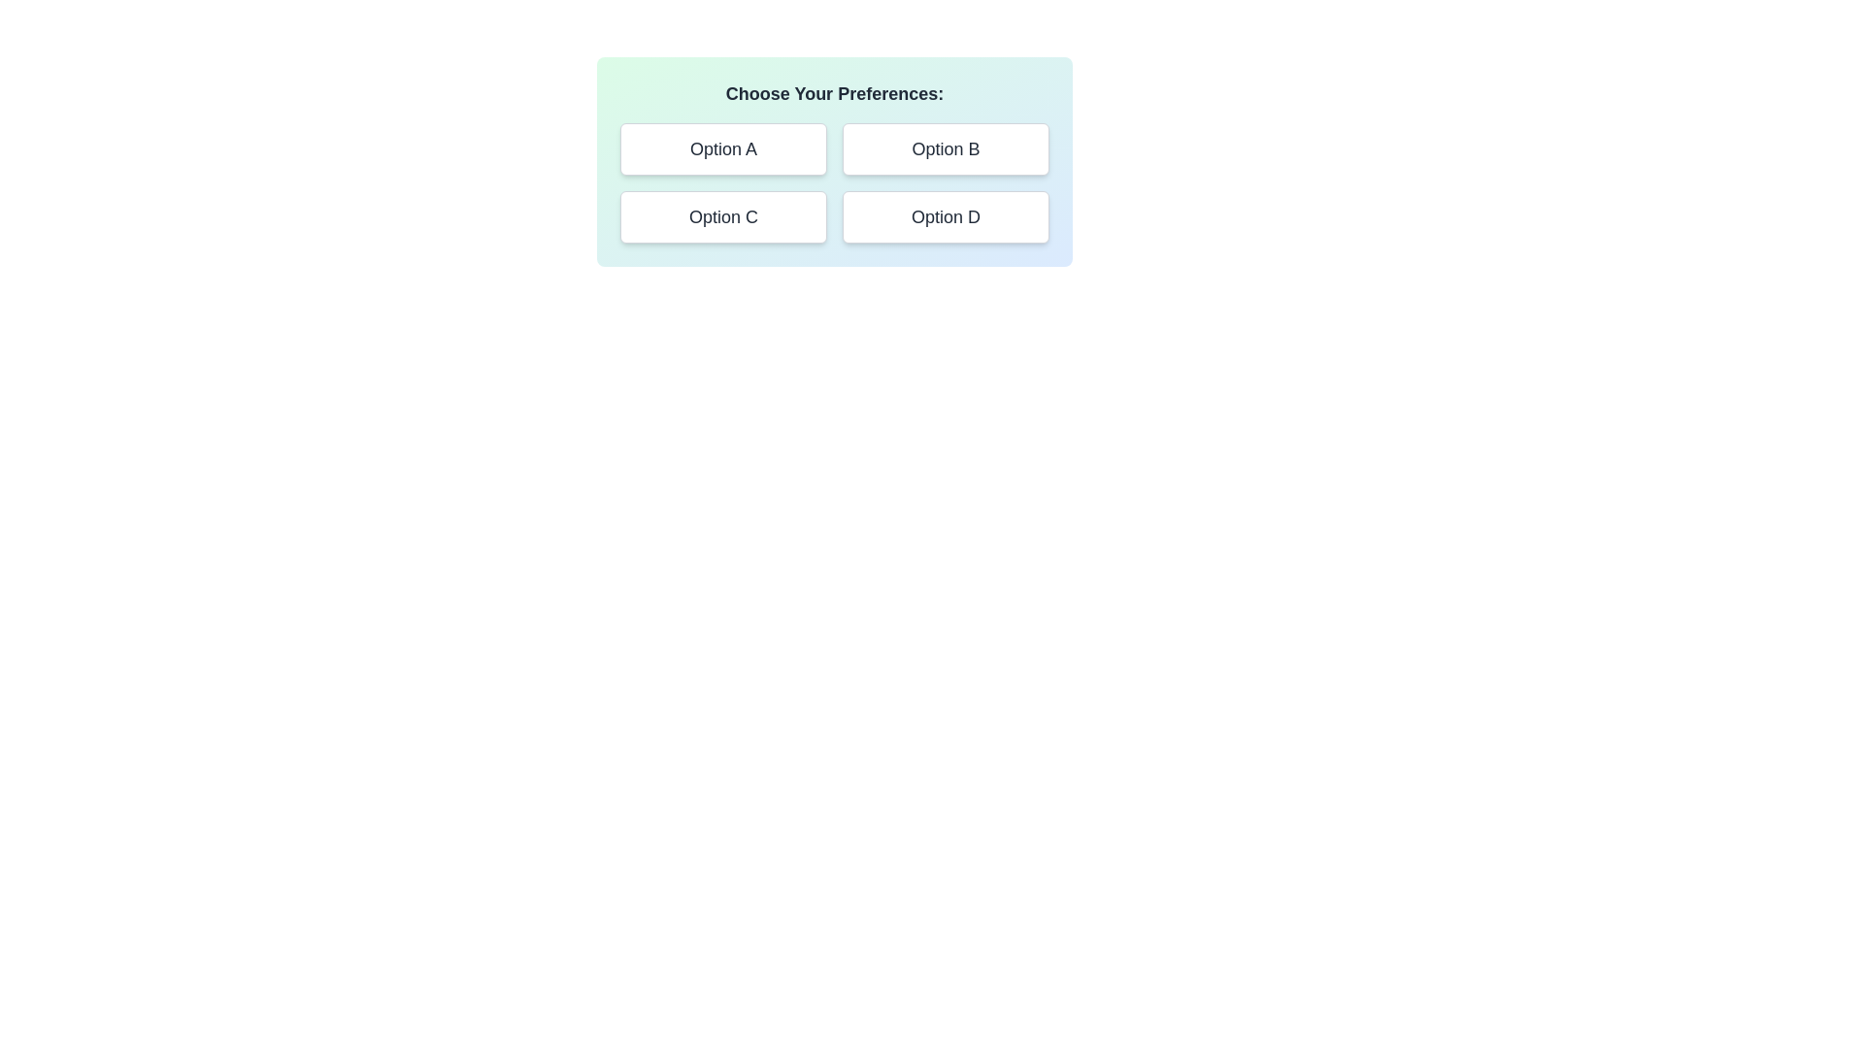 The width and height of the screenshot is (1864, 1048). What do you see at coordinates (946, 216) in the screenshot?
I see `the button labeled Option D to select it` at bounding box center [946, 216].